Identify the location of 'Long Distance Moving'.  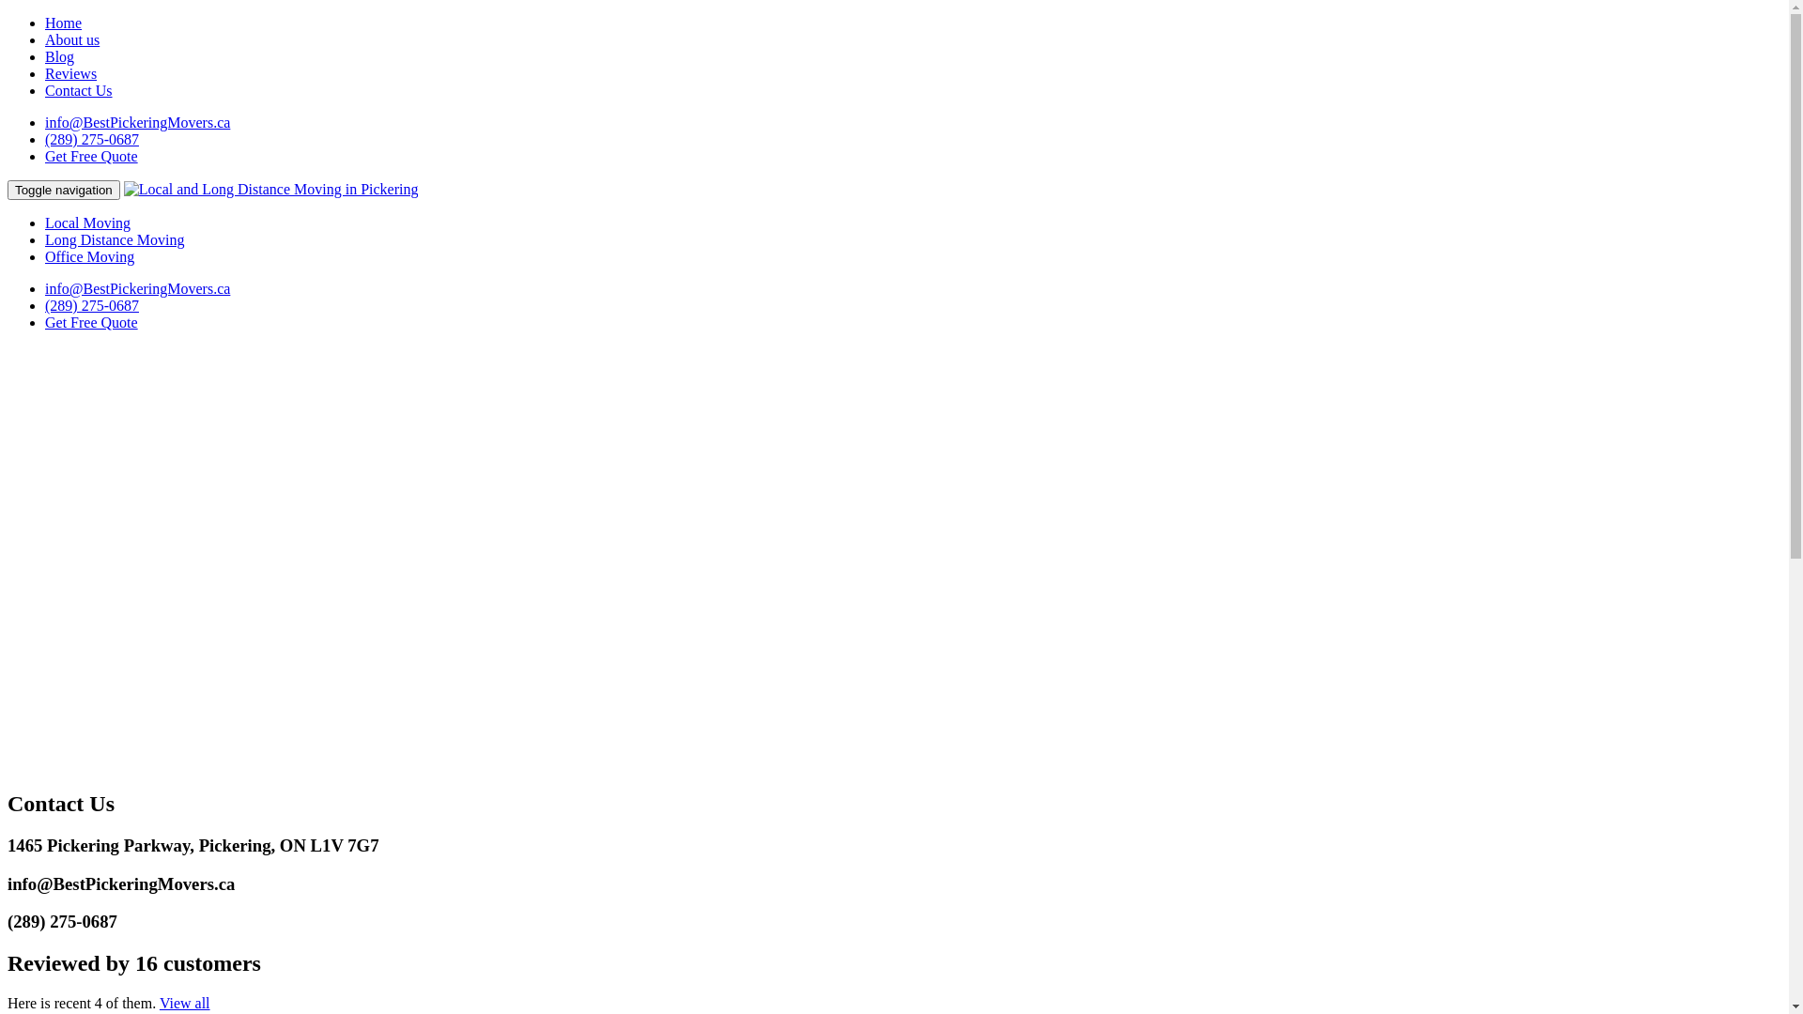
(113, 238).